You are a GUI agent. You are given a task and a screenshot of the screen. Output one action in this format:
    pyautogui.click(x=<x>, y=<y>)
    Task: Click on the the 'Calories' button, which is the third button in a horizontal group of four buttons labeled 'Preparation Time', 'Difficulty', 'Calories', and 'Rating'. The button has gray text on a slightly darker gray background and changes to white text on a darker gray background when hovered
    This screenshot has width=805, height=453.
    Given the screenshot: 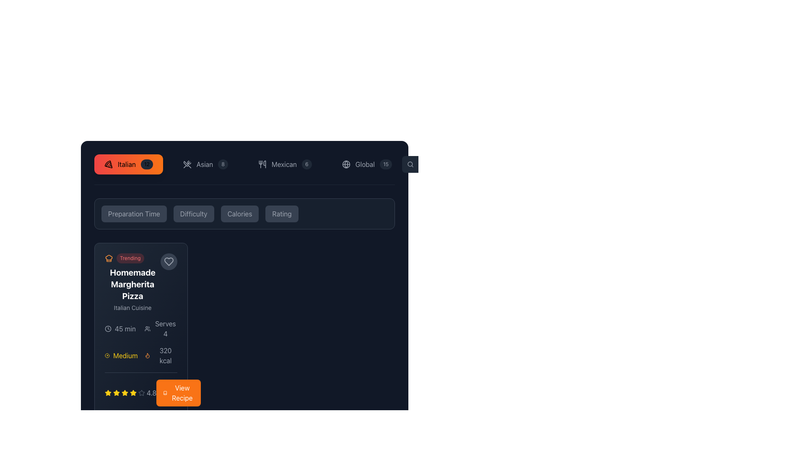 What is the action you would take?
    pyautogui.click(x=244, y=213)
    